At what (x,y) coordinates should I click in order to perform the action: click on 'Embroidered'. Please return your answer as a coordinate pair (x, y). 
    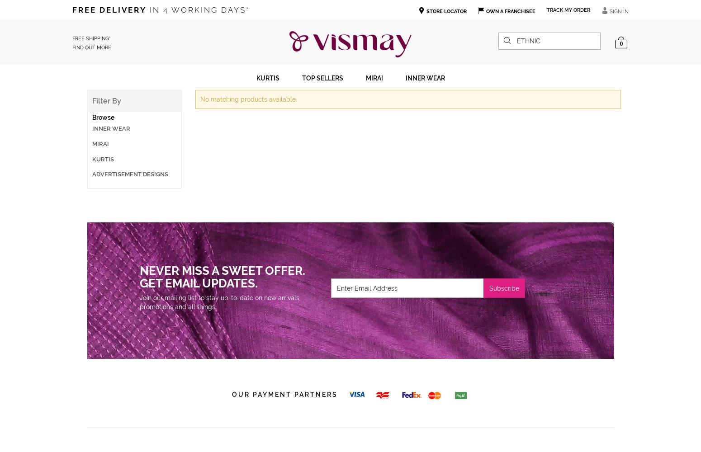
    Looking at the image, I should click on (180, 140).